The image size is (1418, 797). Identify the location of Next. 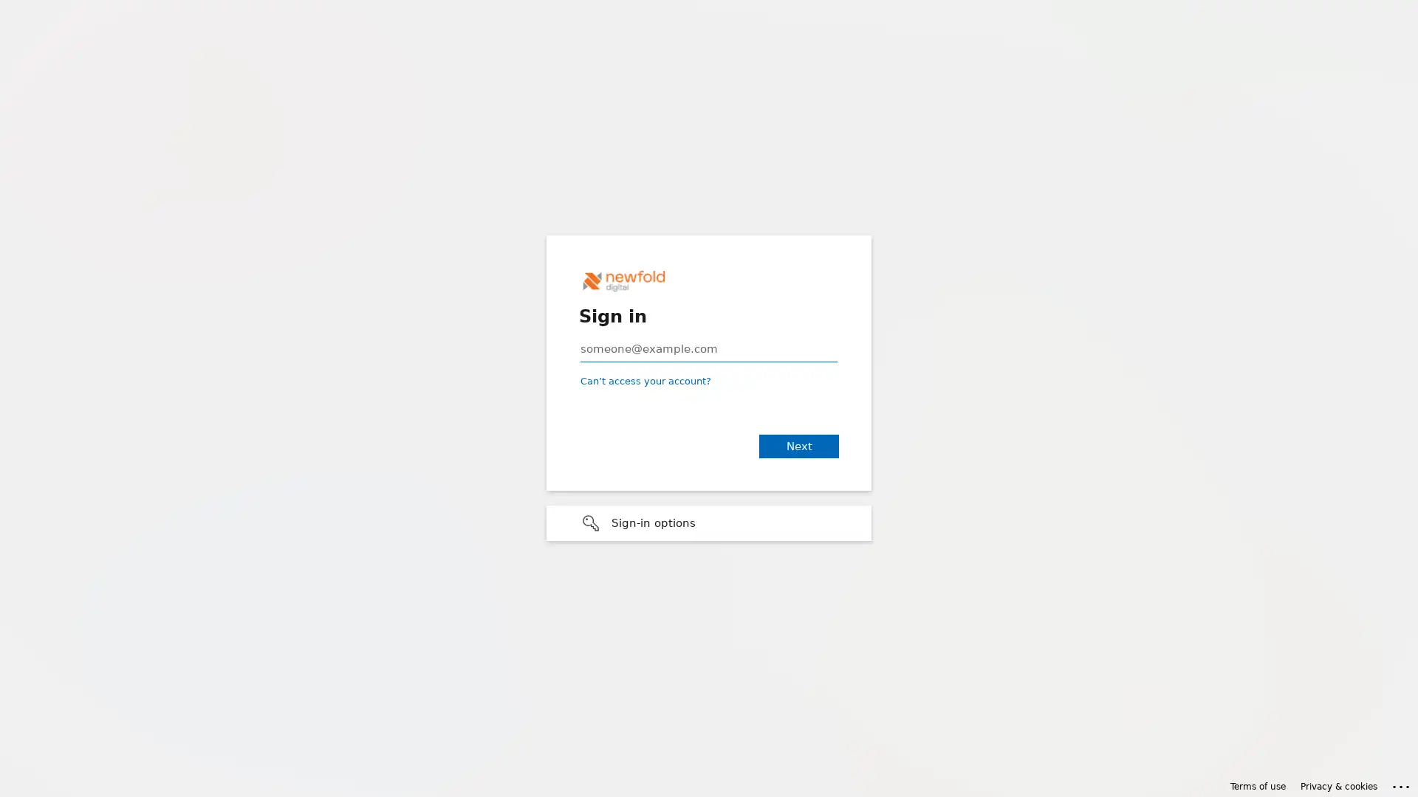
(798, 446).